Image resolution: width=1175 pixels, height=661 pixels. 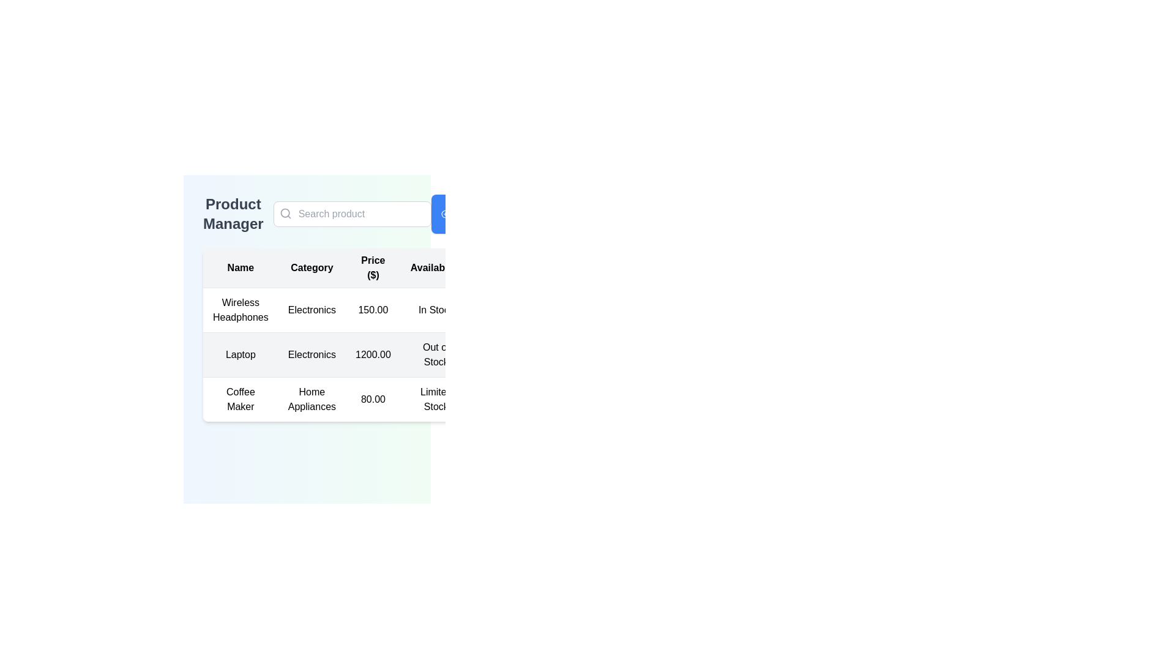 I want to click on the text label indicating the availability status of 'Coffee Maker' in the table, so click(x=436, y=399).